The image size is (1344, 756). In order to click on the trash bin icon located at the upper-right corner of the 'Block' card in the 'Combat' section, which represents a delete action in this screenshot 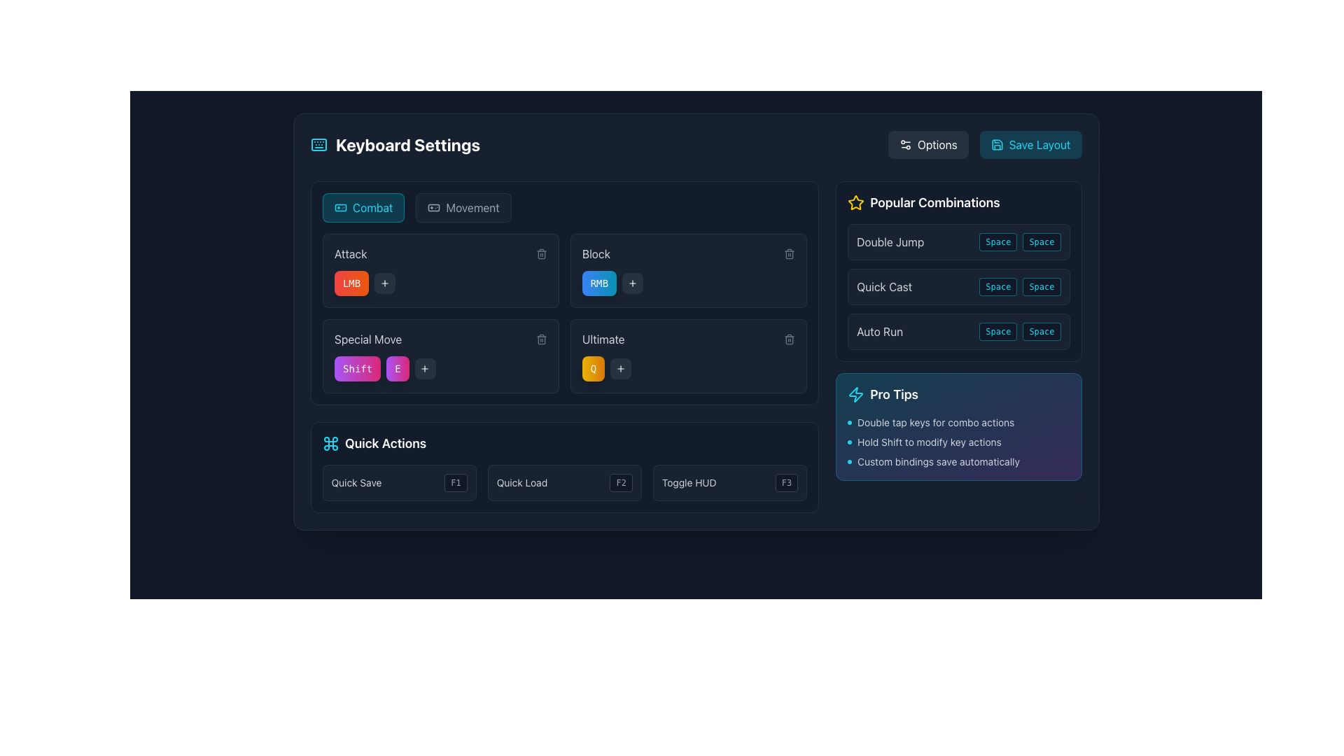, I will do `click(790, 255)`.